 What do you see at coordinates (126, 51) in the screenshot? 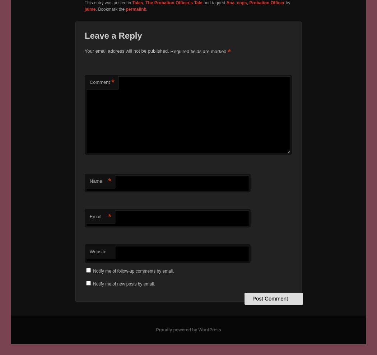
I see `'Your email address will not be published.'` at bounding box center [126, 51].